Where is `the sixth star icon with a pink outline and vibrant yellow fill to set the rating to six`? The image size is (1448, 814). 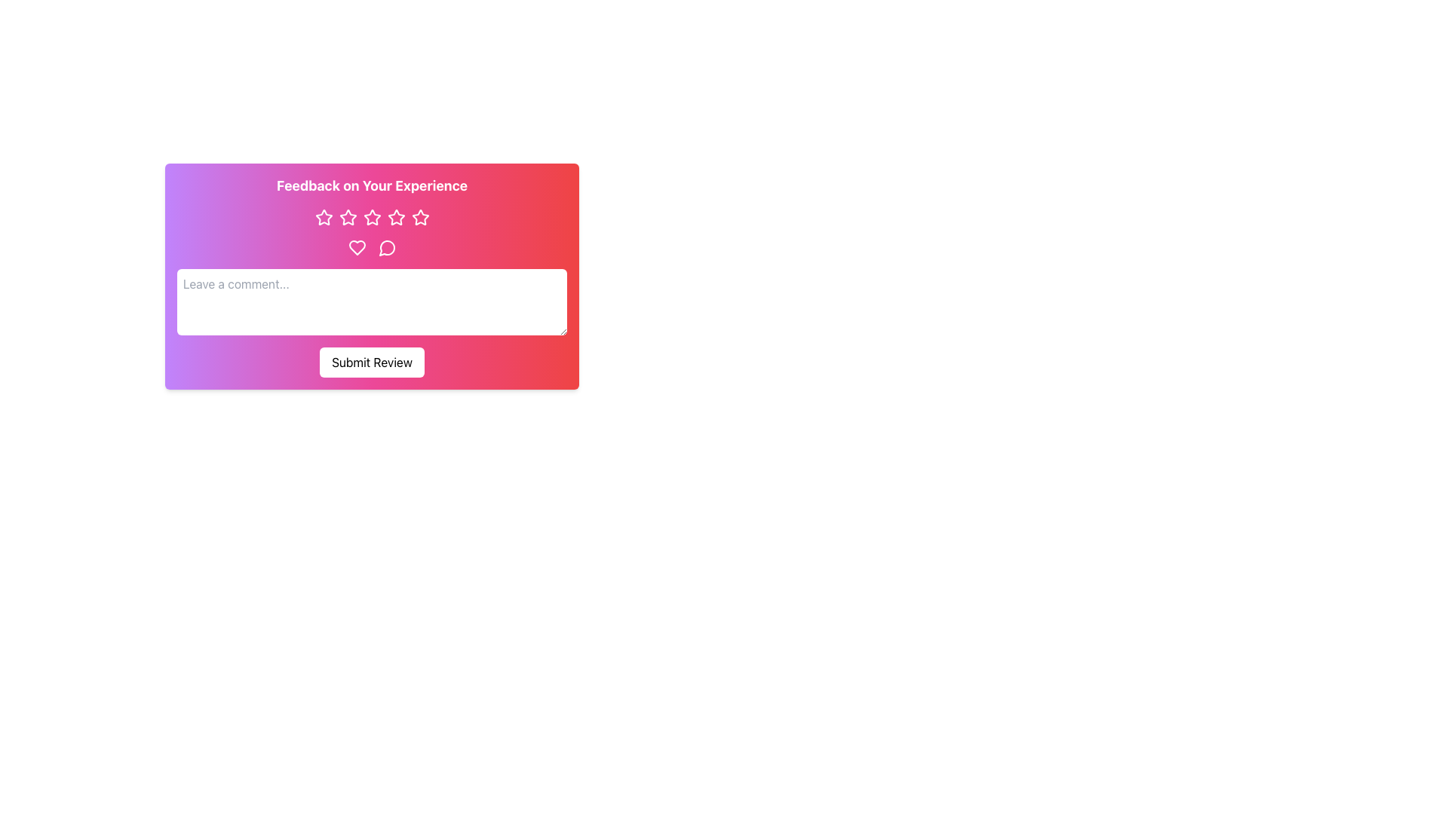 the sixth star icon with a pink outline and vibrant yellow fill to set the rating to six is located at coordinates (420, 218).